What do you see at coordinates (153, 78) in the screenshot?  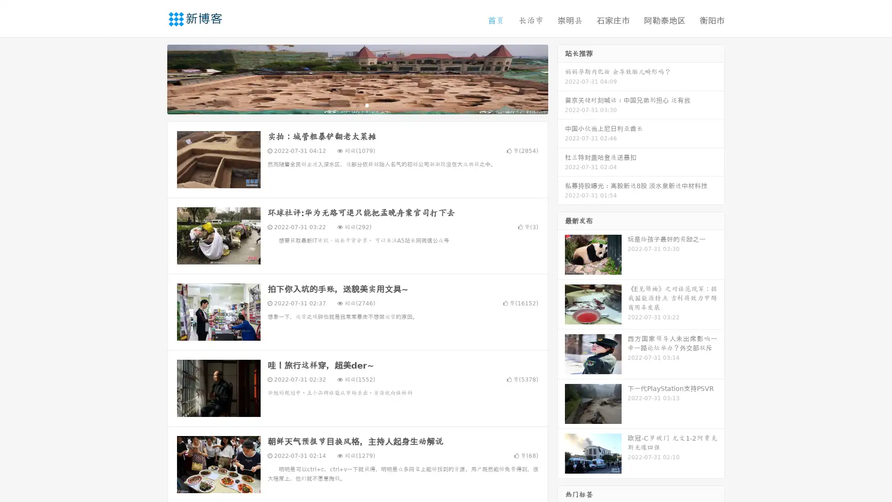 I see `Previous slide` at bounding box center [153, 78].